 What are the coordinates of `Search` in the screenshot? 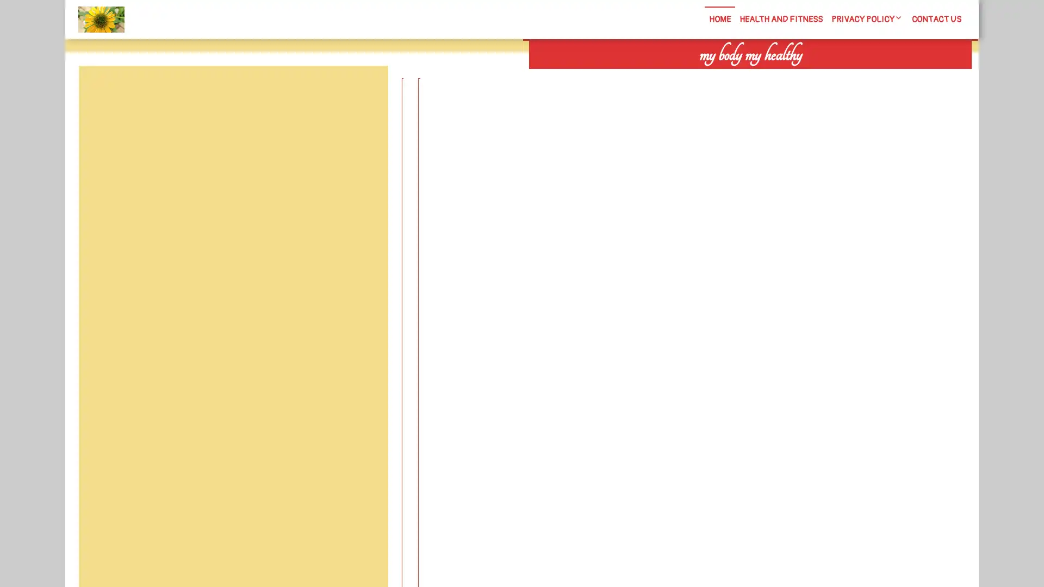 It's located at (363, 91).